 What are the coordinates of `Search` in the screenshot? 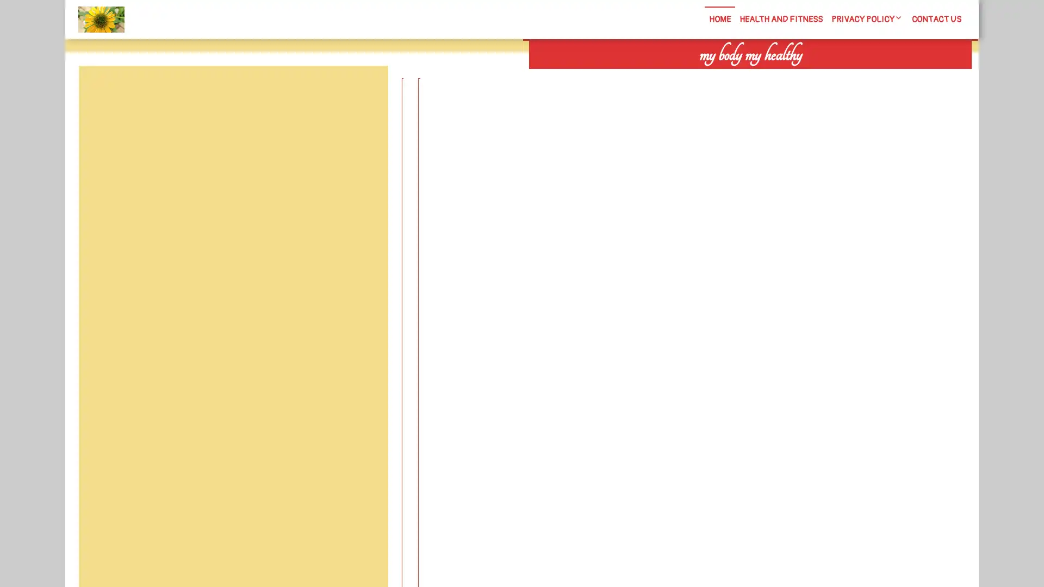 It's located at (363, 91).